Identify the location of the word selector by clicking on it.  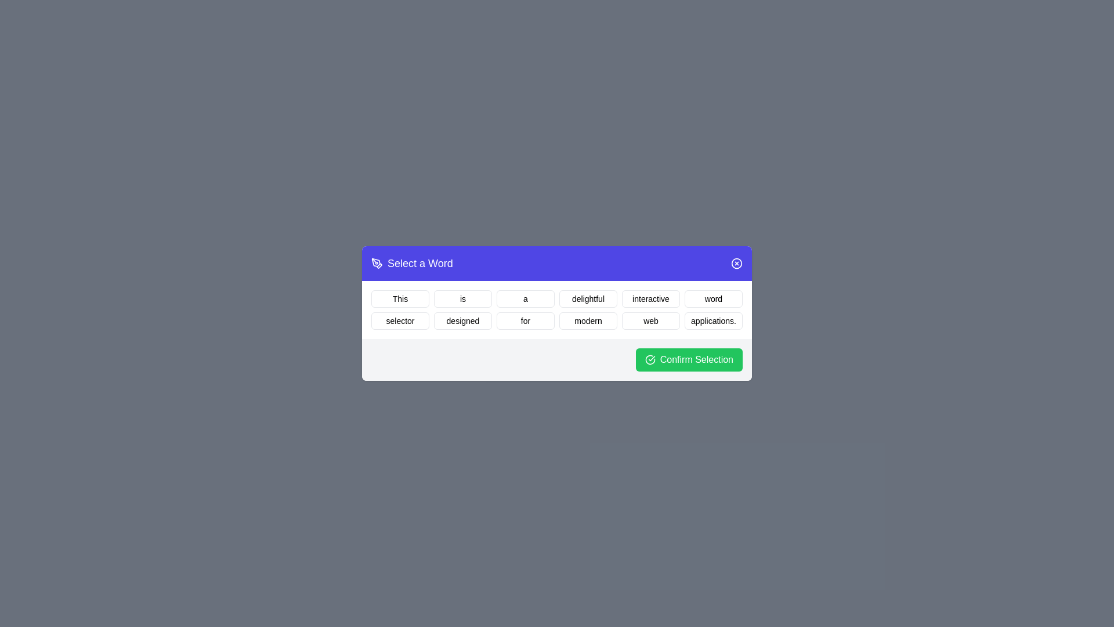
(400, 320).